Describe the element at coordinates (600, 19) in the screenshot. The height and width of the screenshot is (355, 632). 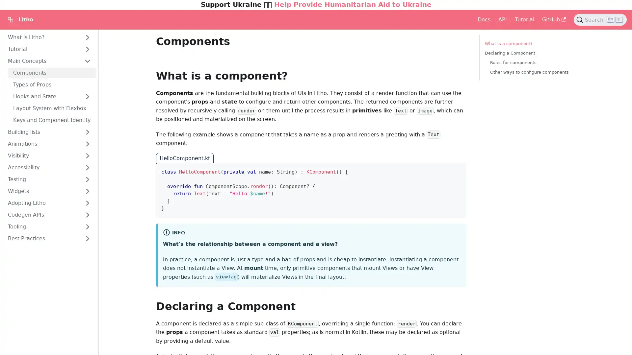
I see `Search` at that location.